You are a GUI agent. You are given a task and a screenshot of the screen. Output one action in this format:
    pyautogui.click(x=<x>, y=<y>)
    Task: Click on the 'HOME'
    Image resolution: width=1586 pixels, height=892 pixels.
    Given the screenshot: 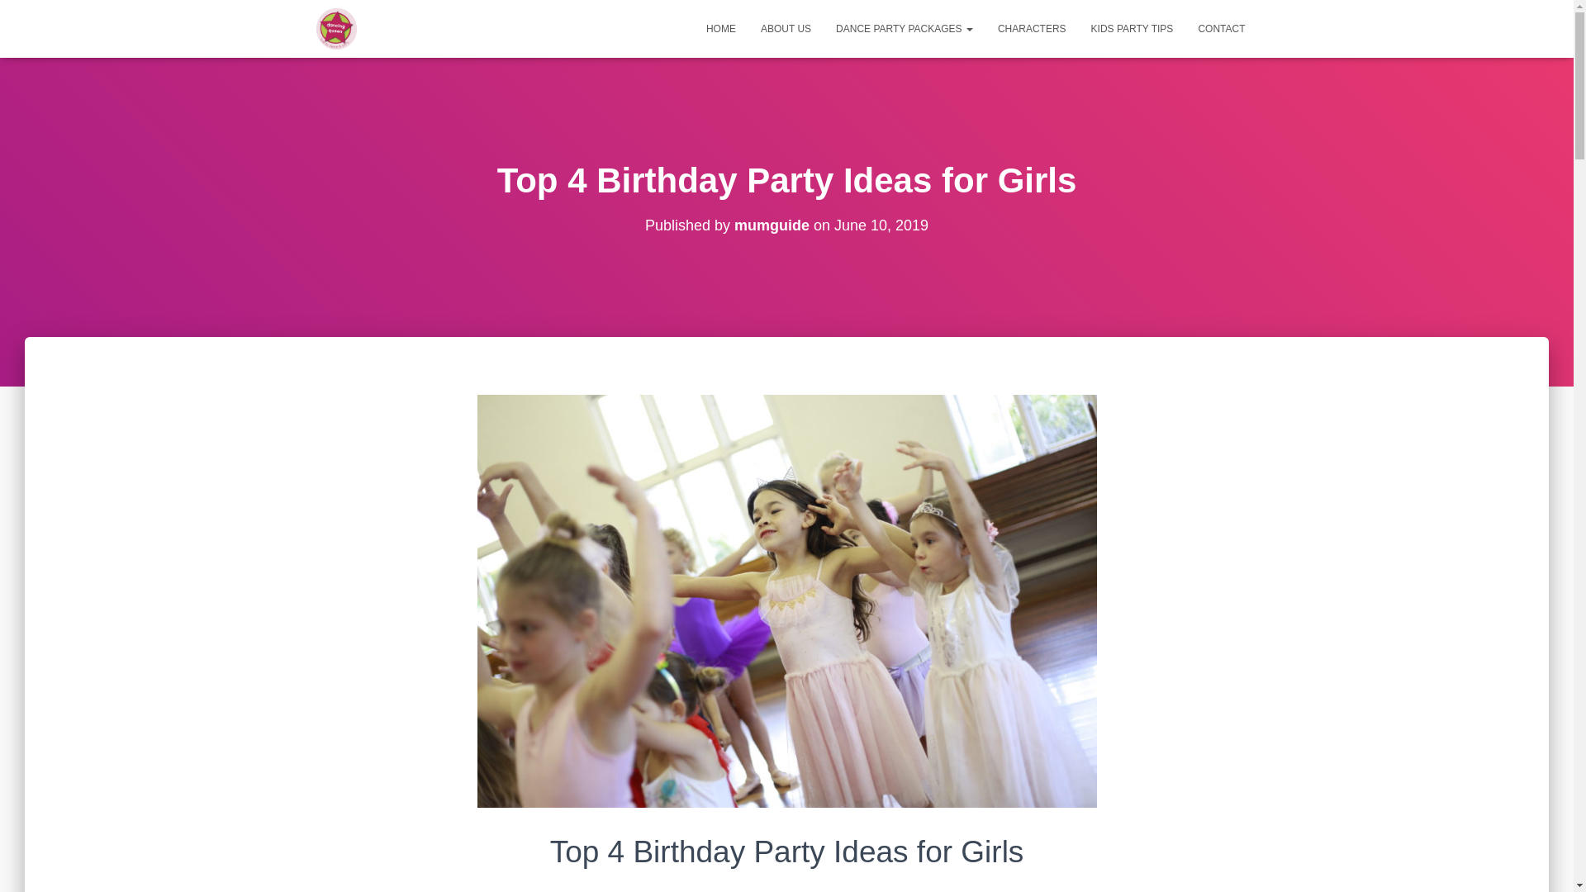 What is the action you would take?
    pyautogui.click(x=721, y=28)
    